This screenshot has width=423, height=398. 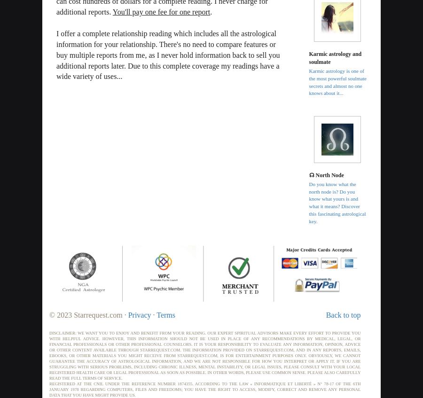 I want to click on 'I offer a complete relationship reading which includes all the astrological information for your relationship.

There's no need to compare features or buy multiple reports from me, as I never hold information back to sell you additional reports later. Due to this complete coverage my readings have a wide variety of uses...', so click(x=168, y=55).